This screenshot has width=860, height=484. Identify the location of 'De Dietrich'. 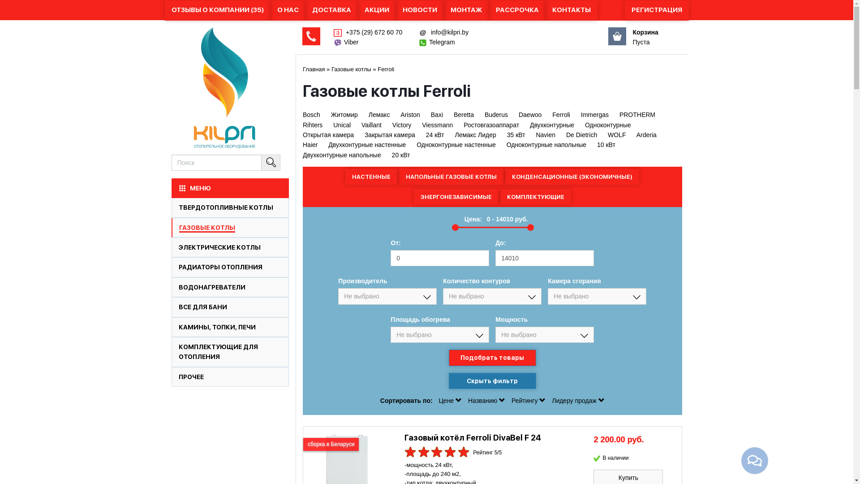
(565, 134).